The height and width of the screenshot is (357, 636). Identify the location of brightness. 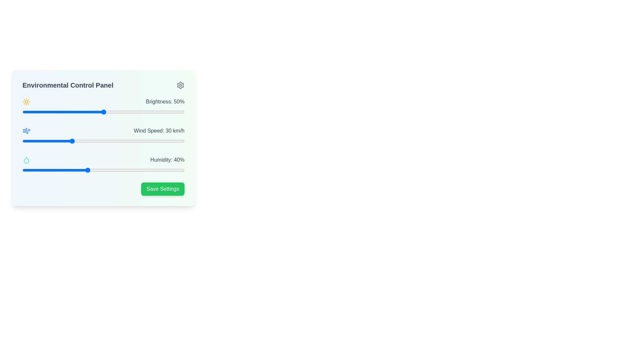
(145, 112).